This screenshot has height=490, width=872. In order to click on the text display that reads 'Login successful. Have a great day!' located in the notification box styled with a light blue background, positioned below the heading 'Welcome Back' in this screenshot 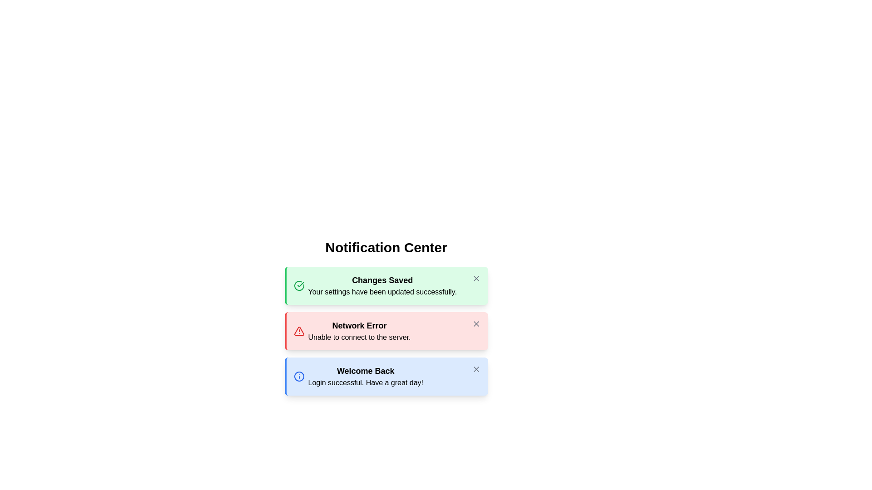, I will do `click(366, 383)`.